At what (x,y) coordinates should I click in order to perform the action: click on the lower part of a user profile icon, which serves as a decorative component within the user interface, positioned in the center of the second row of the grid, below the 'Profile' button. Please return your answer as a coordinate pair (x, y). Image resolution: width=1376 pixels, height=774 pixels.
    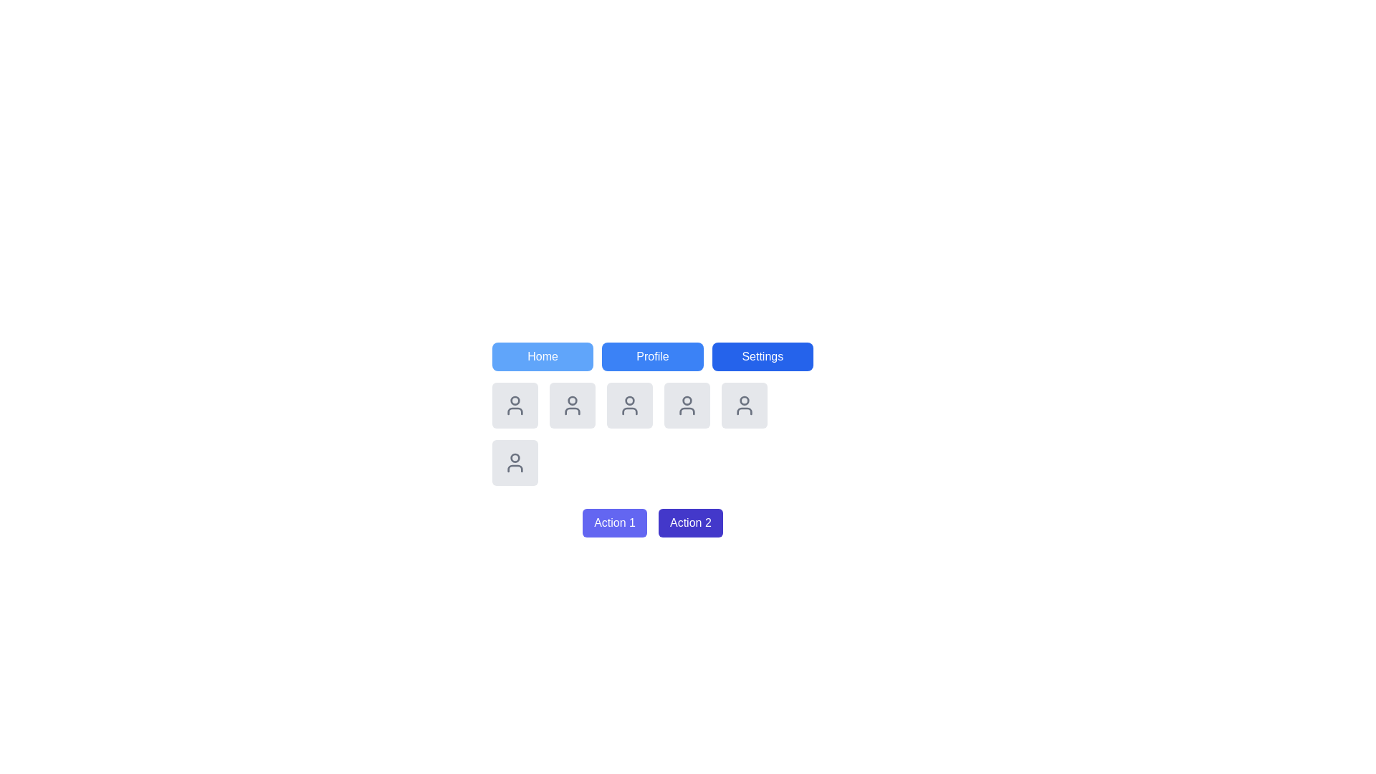
    Looking at the image, I should click on (629, 411).